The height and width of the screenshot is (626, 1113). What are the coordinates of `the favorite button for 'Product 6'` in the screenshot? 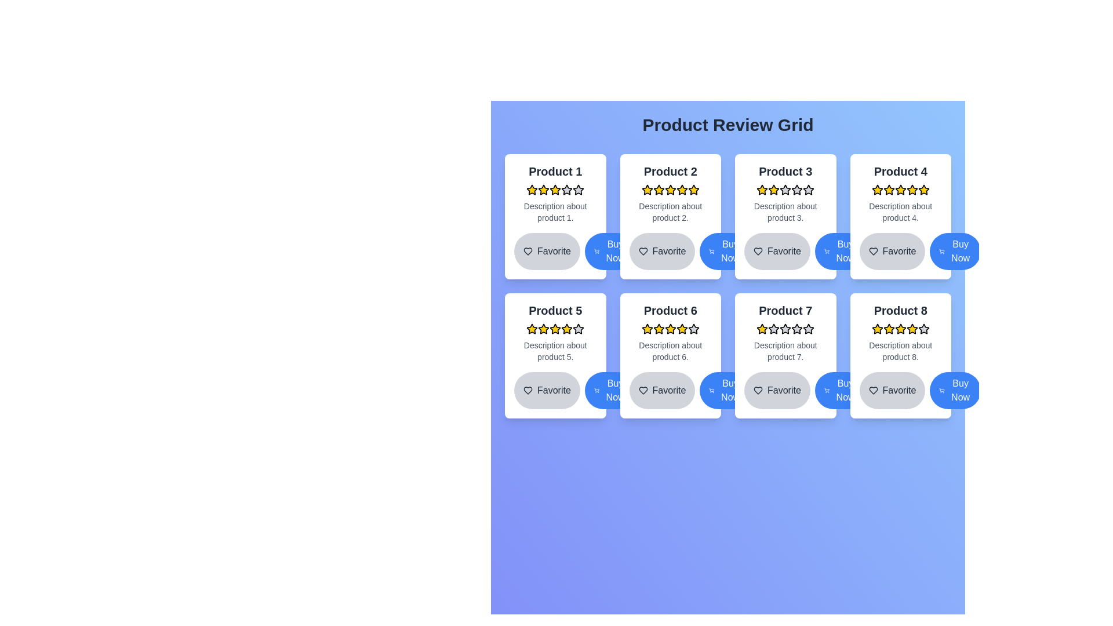 It's located at (662, 391).